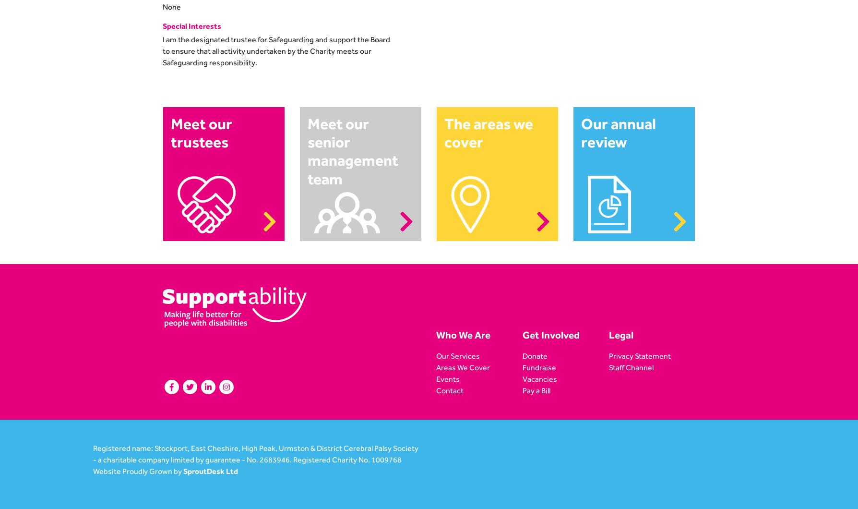  I want to click on 'Contact', so click(450, 390).